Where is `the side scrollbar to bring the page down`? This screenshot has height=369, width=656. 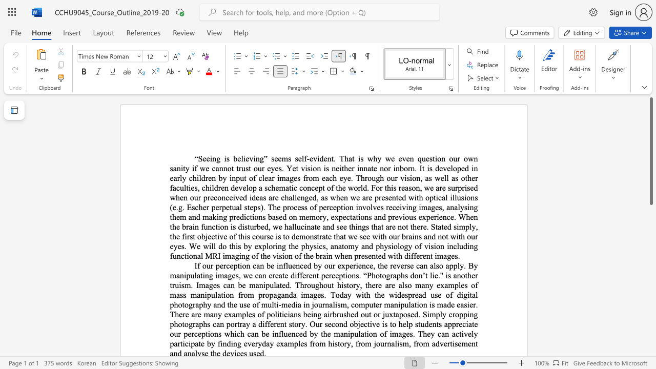 the side scrollbar to bring the page down is located at coordinates (650, 347).